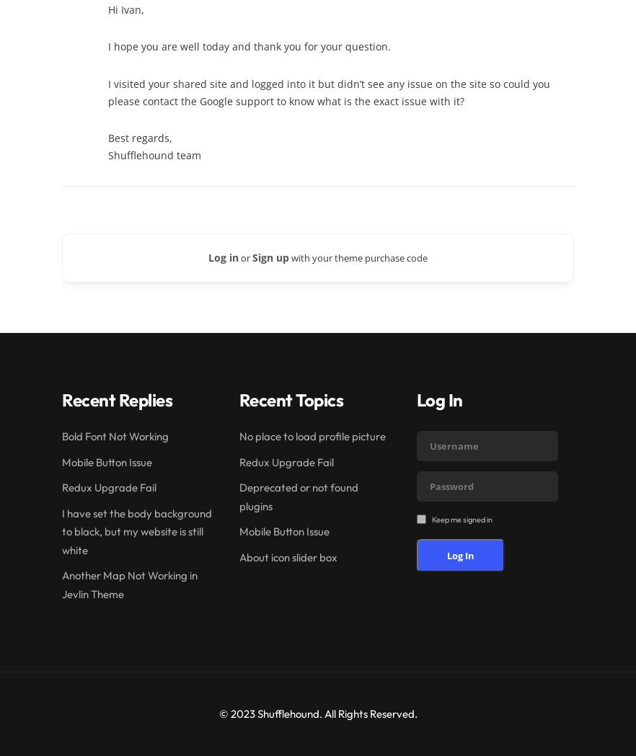  What do you see at coordinates (140, 137) in the screenshot?
I see `'Best regards,'` at bounding box center [140, 137].